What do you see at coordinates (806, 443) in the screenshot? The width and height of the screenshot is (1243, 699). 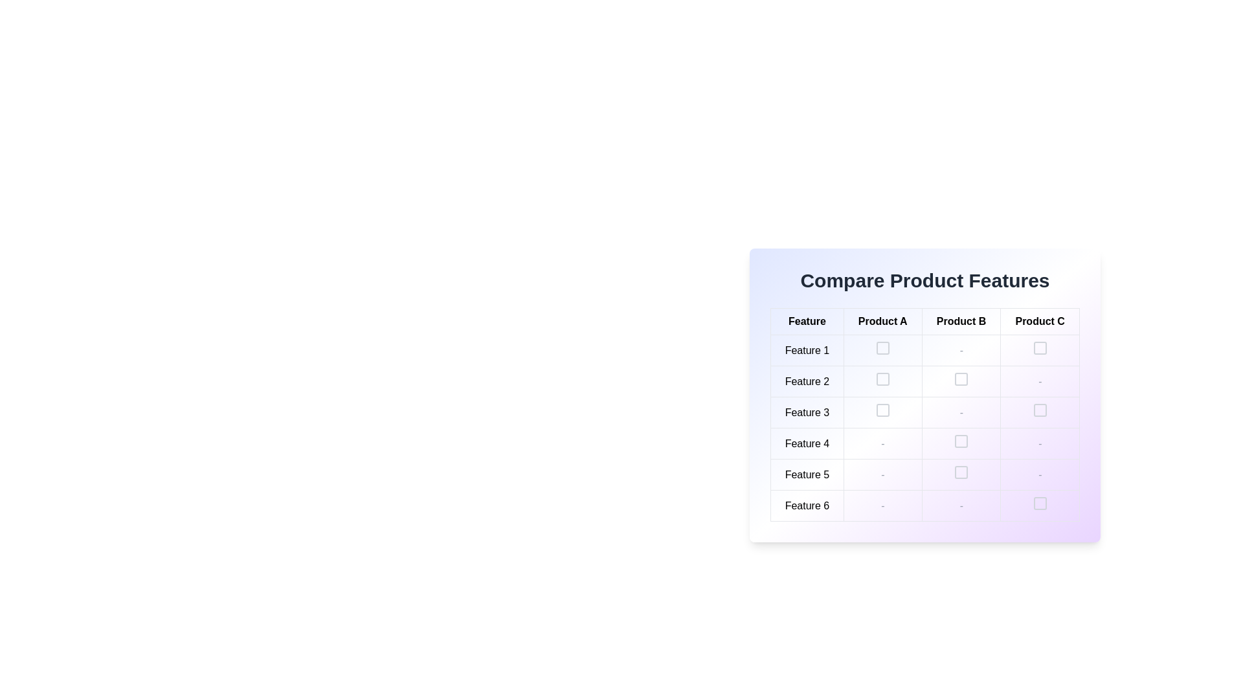 I see `the table cell displaying 'Feature 4' in the fourth row, first column of the 'Compare Product Features' table` at bounding box center [806, 443].